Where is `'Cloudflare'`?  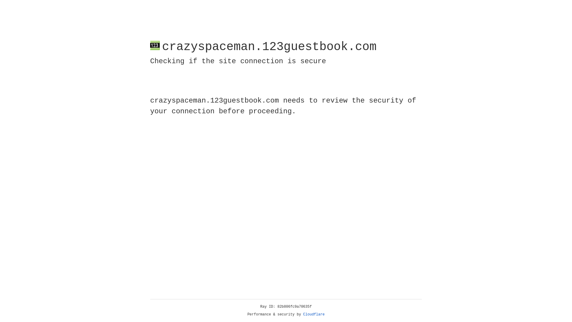
'Cloudflare' is located at coordinates (314, 314).